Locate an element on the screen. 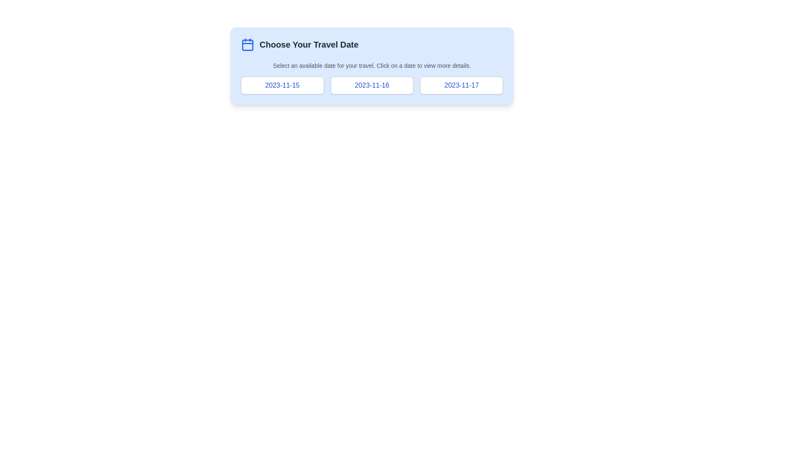  the decorative graphical element within the calendar icon located at the top left of the interface beside the text 'Choose Your Travel Date' is located at coordinates (247, 45).